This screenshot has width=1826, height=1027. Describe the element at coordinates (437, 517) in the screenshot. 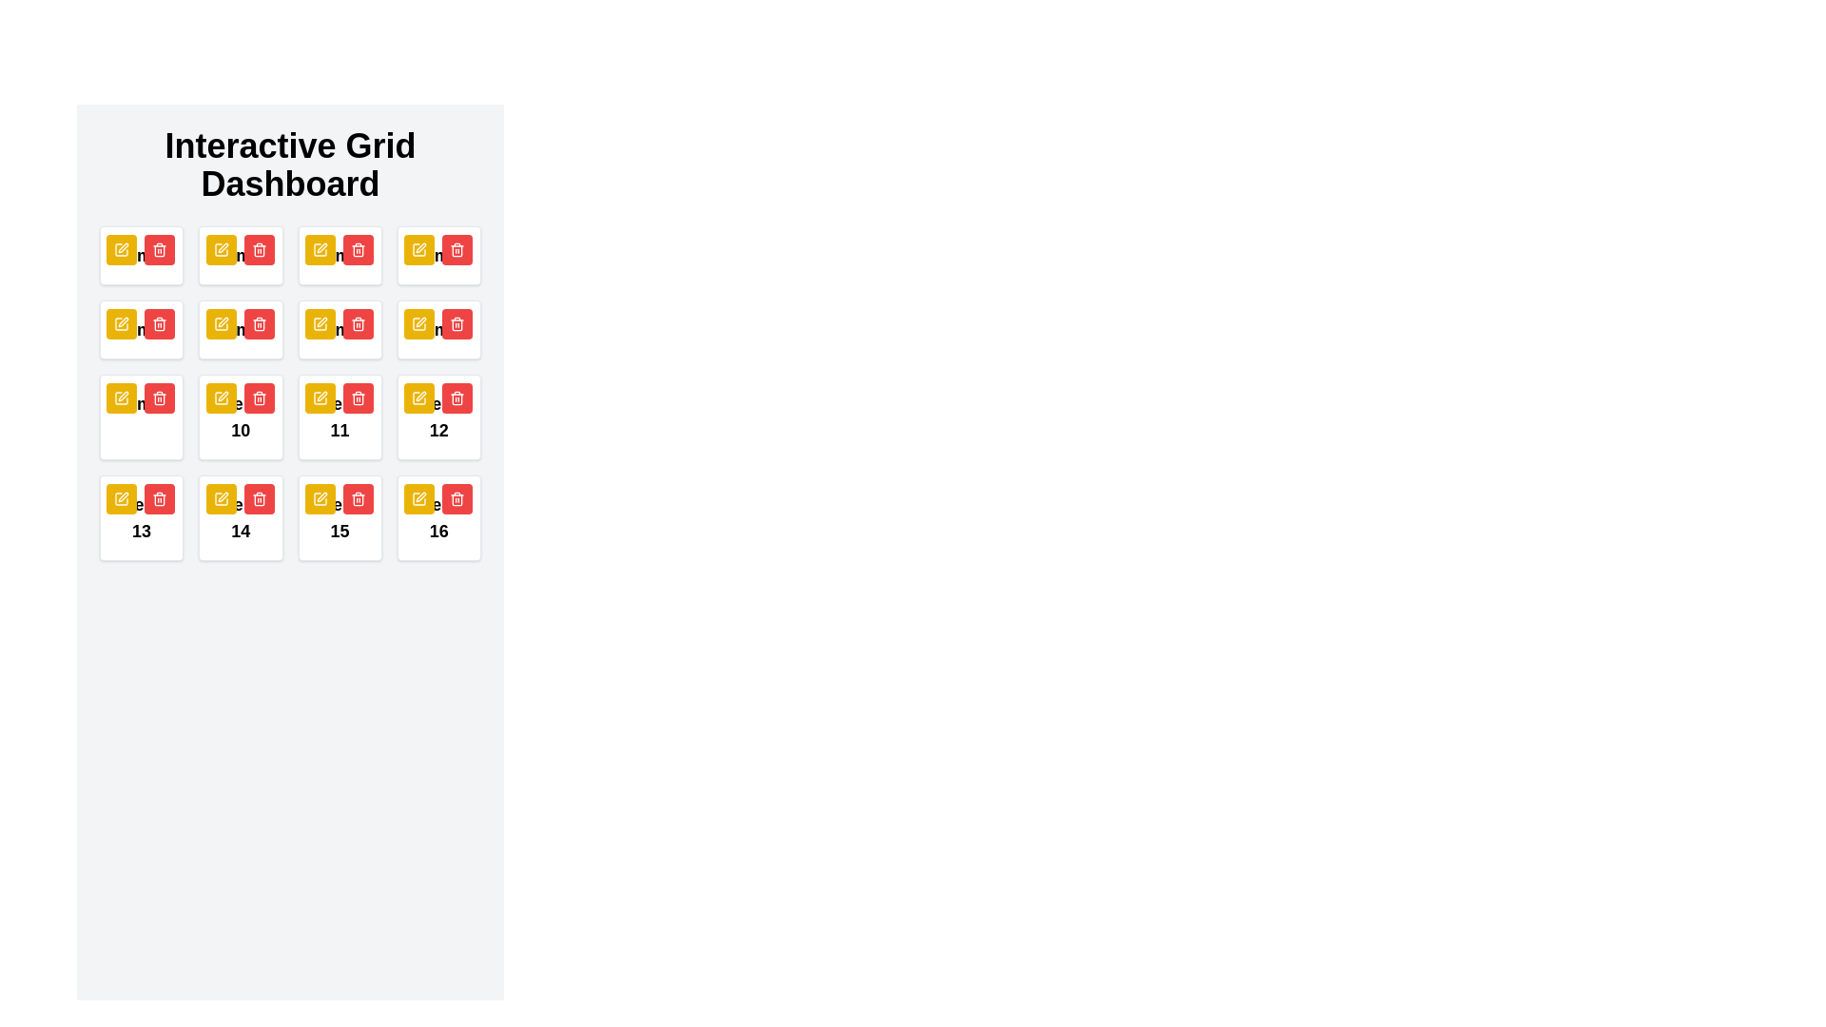

I see `the delete button on the Card displaying 'Item 16', which is located at the bottom-right corner of the grid layout` at that location.